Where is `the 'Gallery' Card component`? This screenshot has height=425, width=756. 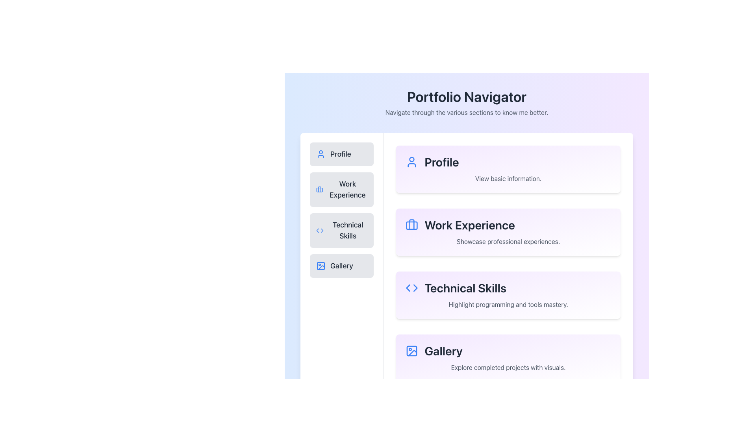
the 'Gallery' Card component is located at coordinates (508, 358).